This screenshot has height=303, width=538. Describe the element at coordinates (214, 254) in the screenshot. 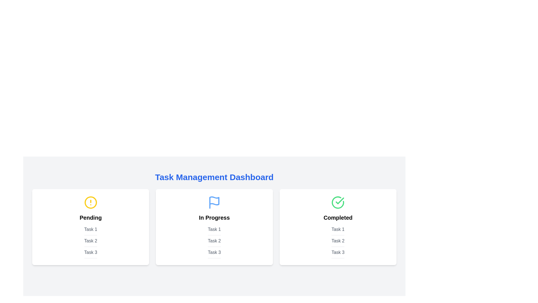

I see `the text label displaying 'Task 3', which is styled with a subtle border and aligned left in the 'In Progress' section of the task management dashboard` at that location.